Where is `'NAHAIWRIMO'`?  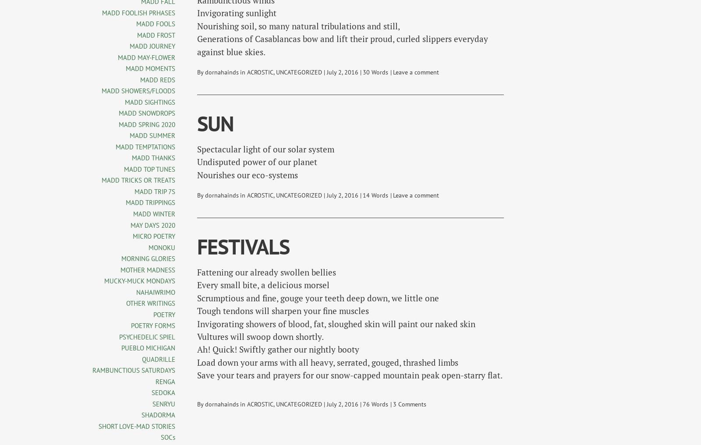 'NAHAIWRIMO' is located at coordinates (156, 291).